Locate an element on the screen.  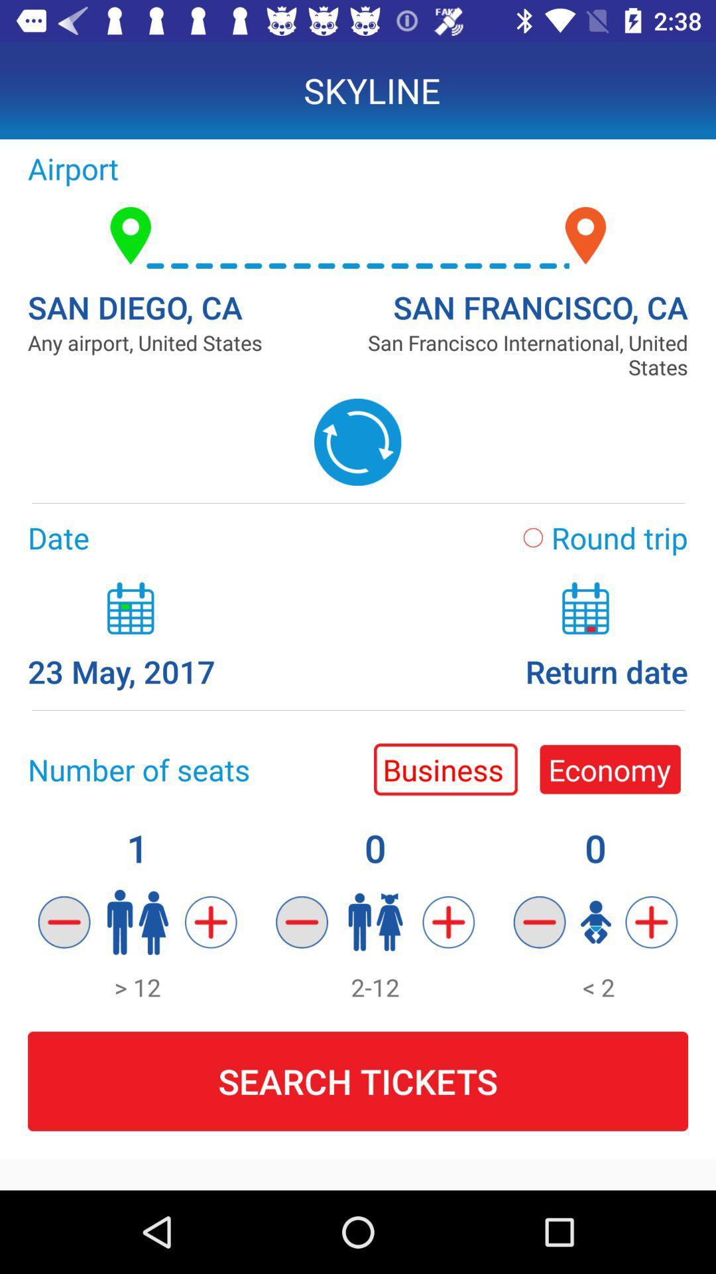
search tickets is located at coordinates (358, 1082).